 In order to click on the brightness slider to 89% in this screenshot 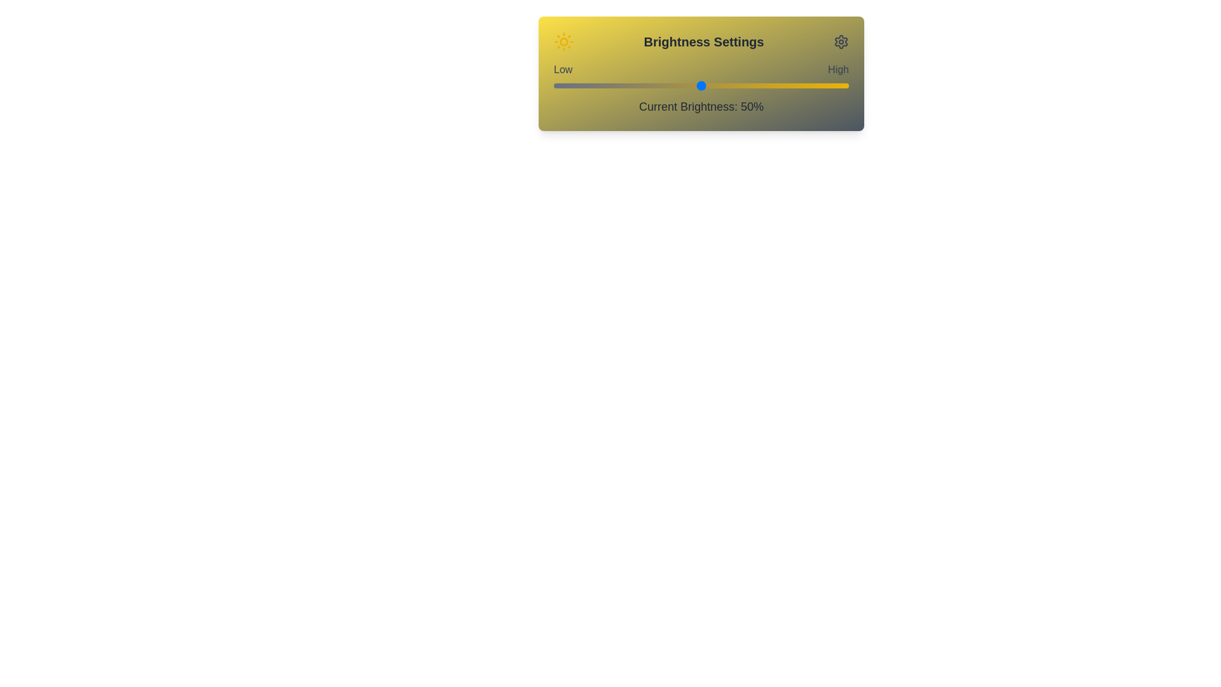, I will do `click(816, 86)`.